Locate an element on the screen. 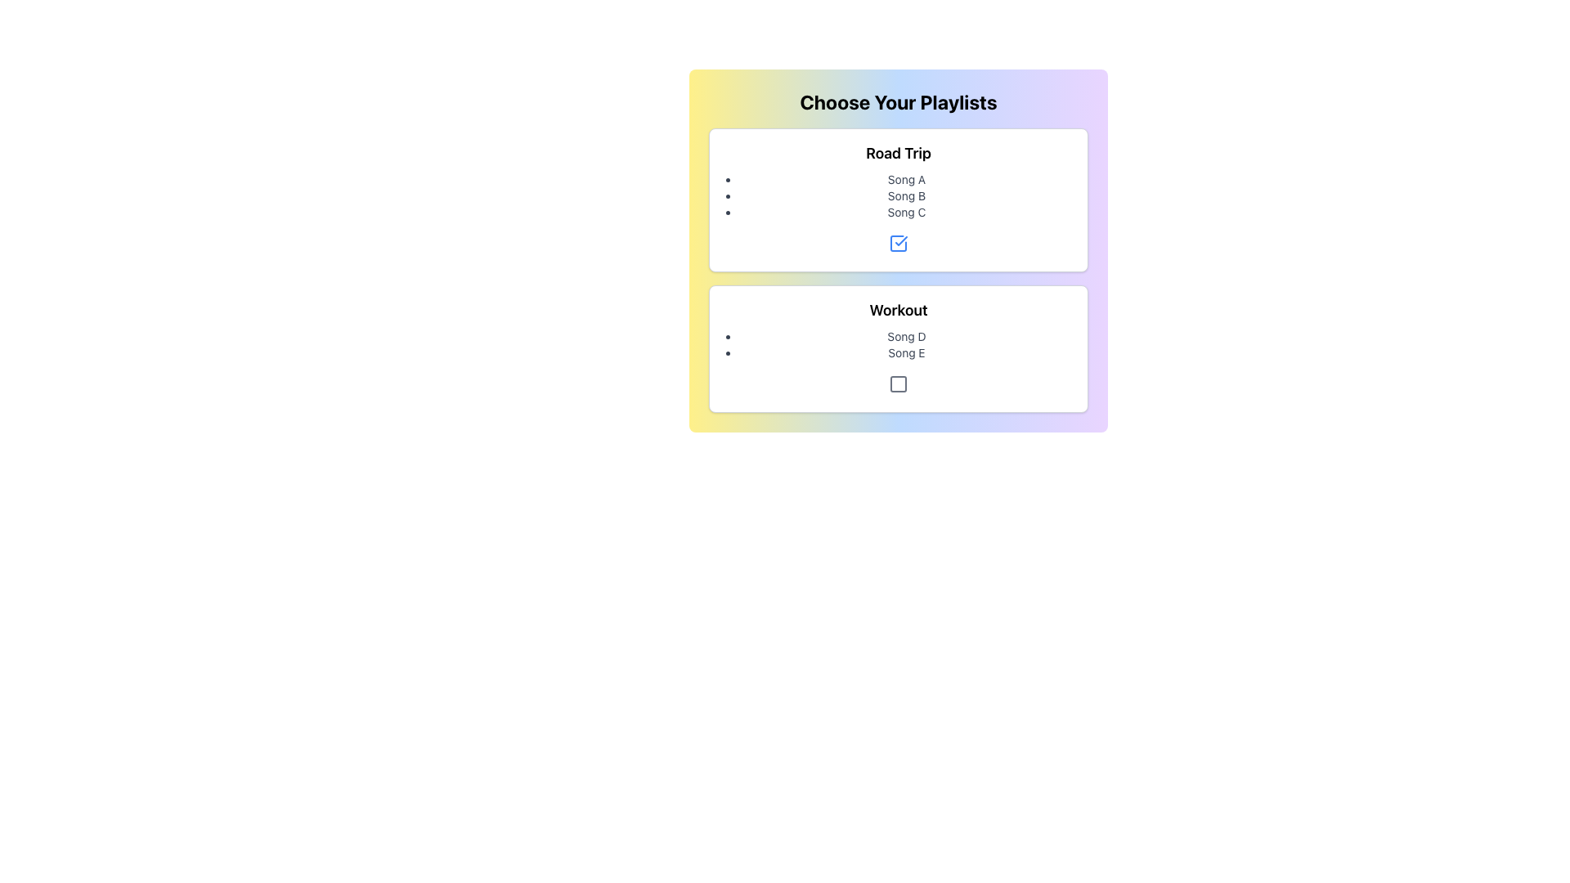  the action-related icon/button located is located at coordinates (898, 384).